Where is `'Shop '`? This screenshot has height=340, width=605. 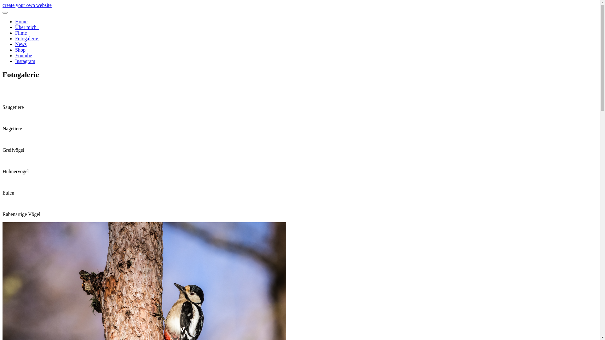
'Shop ' is located at coordinates (21, 49).